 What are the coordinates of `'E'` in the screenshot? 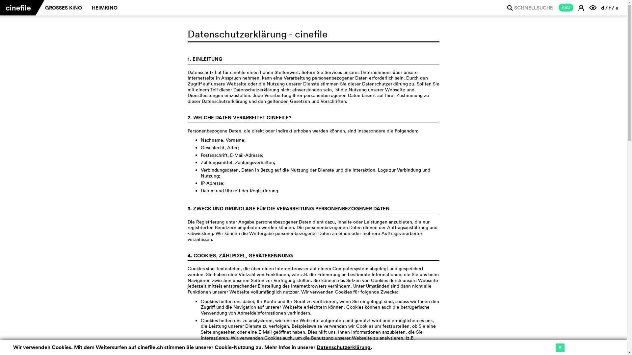 It's located at (582, 7).